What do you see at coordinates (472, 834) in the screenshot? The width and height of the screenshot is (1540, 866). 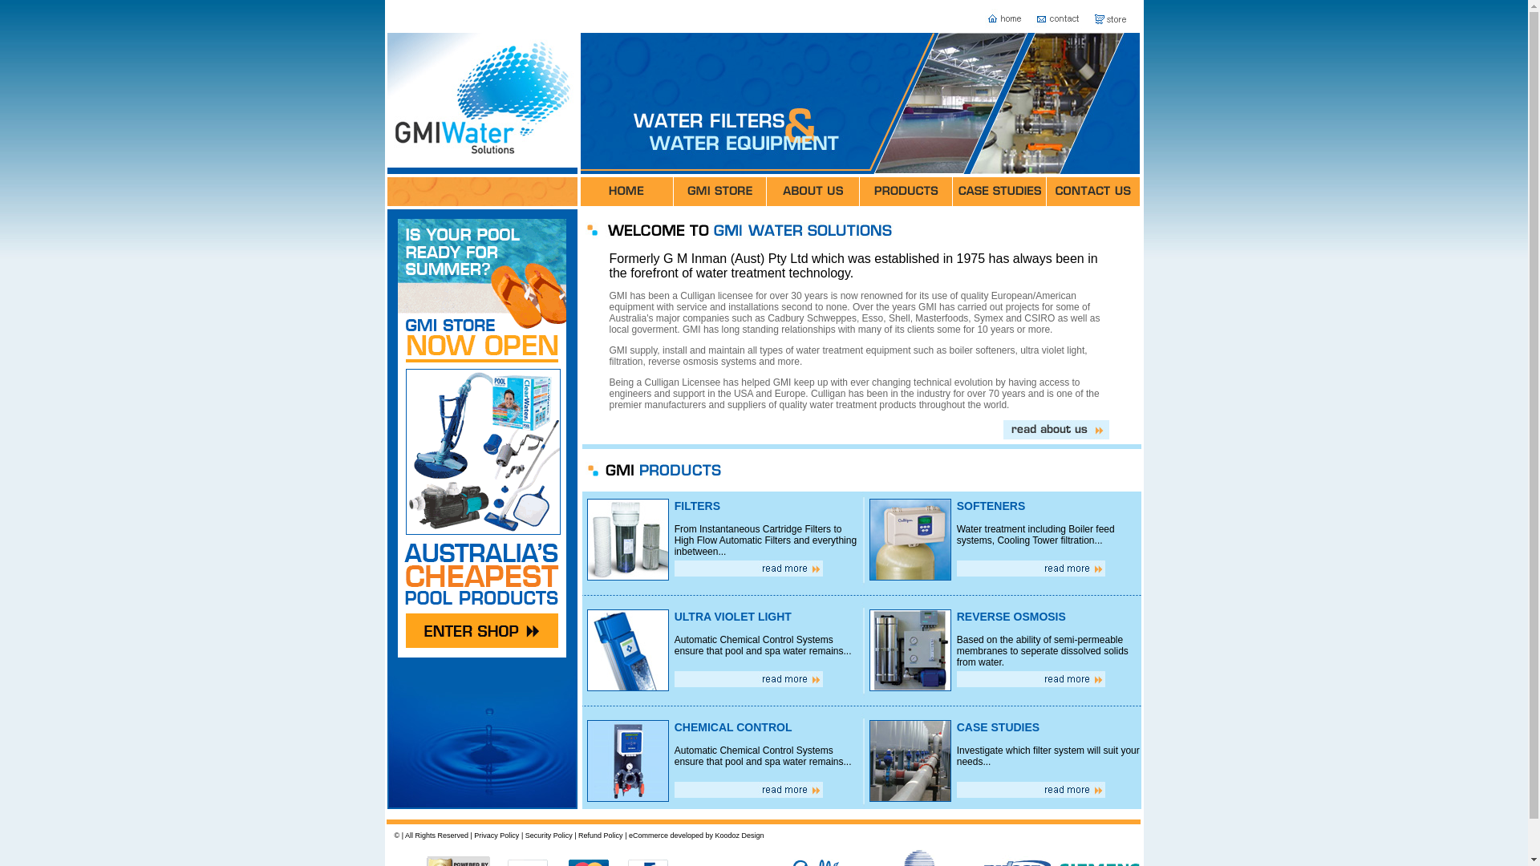 I see `'Privacy Policy'` at bounding box center [472, 834].